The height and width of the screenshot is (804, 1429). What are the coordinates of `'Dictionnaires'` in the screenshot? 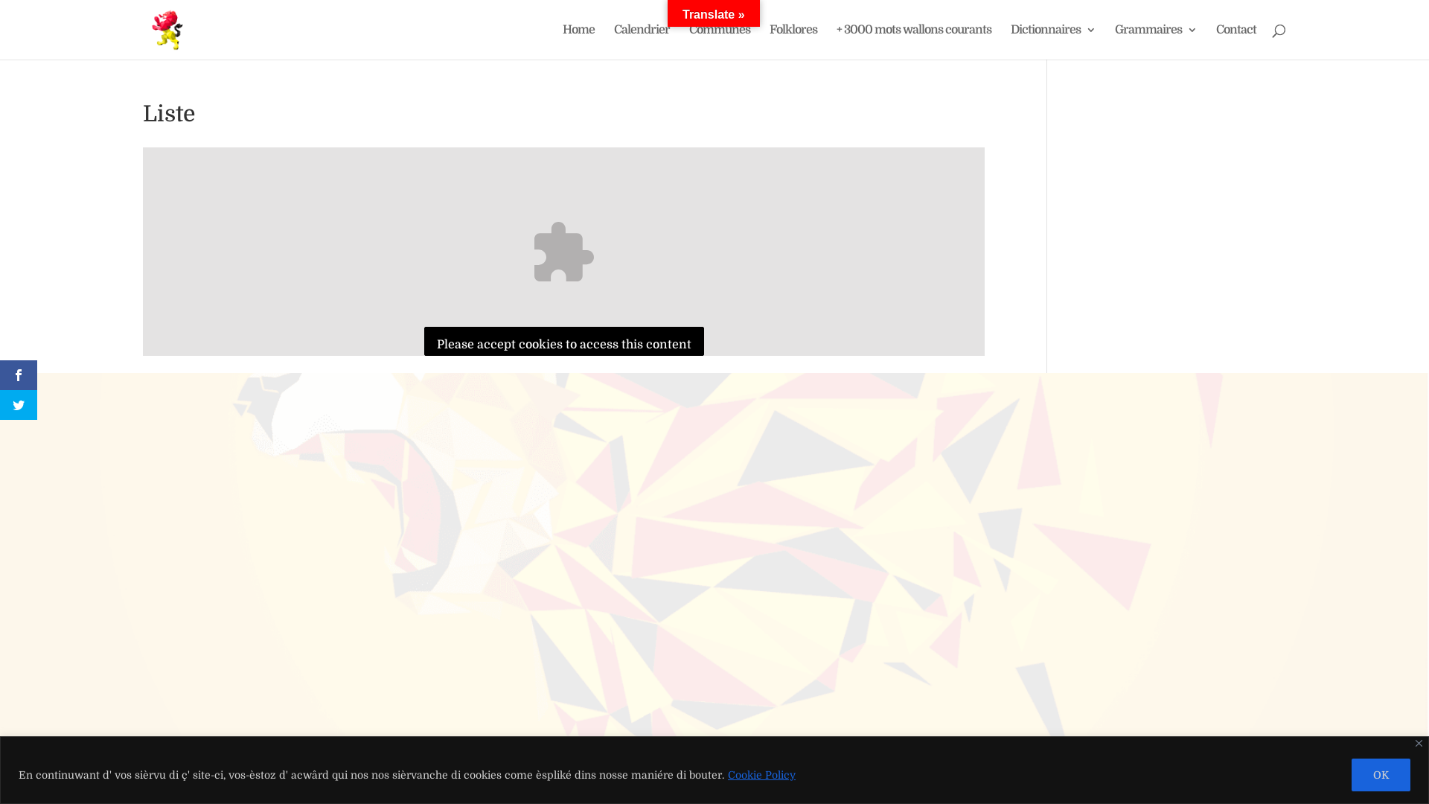 It's located at (1052, 41).